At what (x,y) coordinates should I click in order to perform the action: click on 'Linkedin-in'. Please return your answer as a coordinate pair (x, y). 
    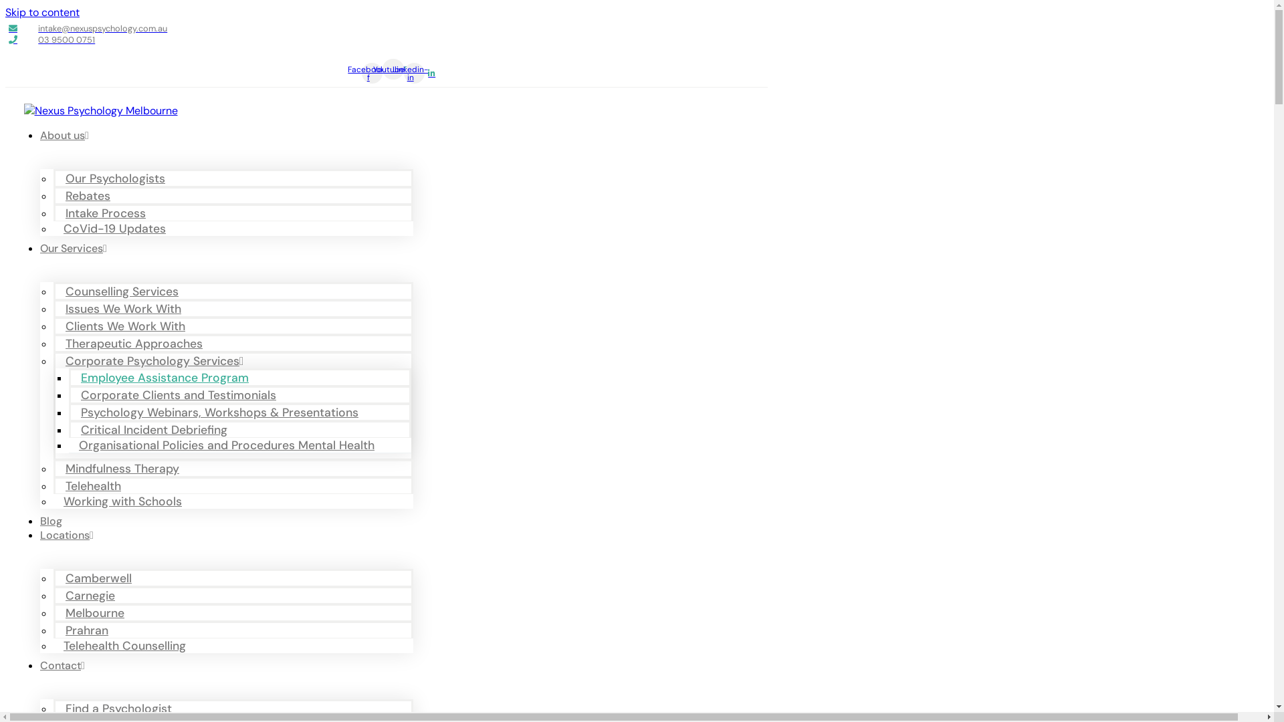
    Looking at the image, I should click on (413, 73).